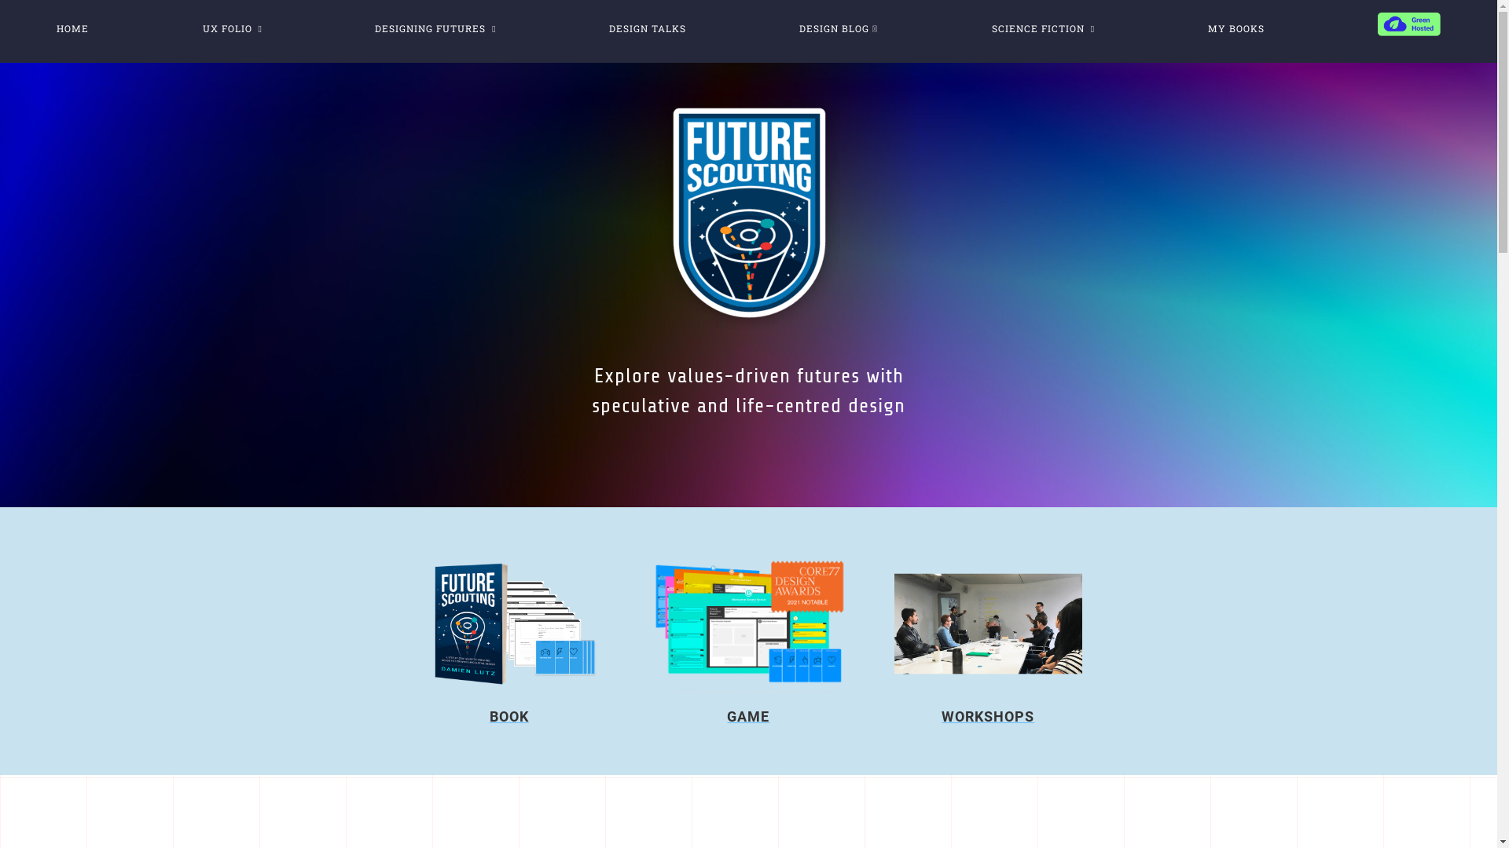  I want to click on 'Logo-02-edit2', so click(748, 212).